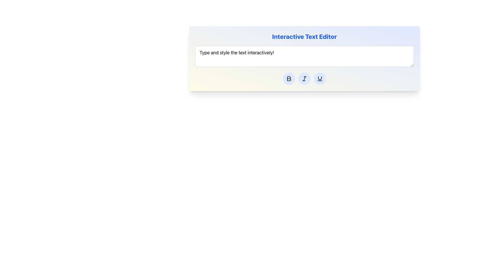 The width and height of the screenshot is (495, 278). Describe the element at coordinates (304, 79) in the screenshot. I see `the stylized 'Italic' icon button, which is represented by a slanted 'I' glyph` at that location.